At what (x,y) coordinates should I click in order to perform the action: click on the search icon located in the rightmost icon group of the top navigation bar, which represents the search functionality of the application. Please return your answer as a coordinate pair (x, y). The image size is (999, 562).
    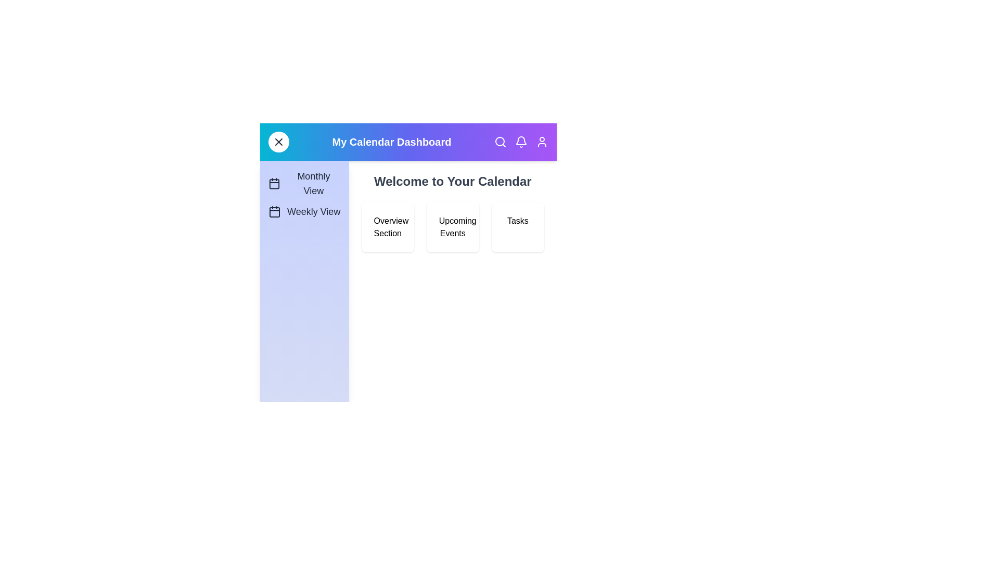
    Looking at the image, I should click on (499, 142).